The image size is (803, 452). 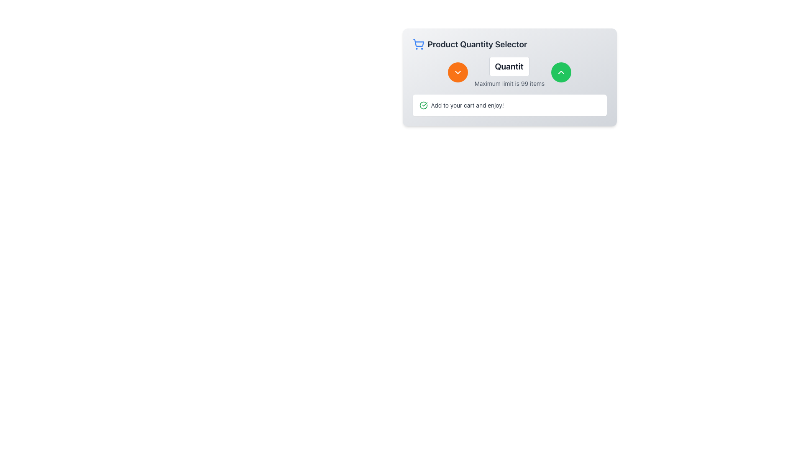 What do you see at coordinates (561, 72) in the screenshot?
I see `the green circular button with a white upward-pointing chevron to increase the quantity` at bounding box center [561, 72].